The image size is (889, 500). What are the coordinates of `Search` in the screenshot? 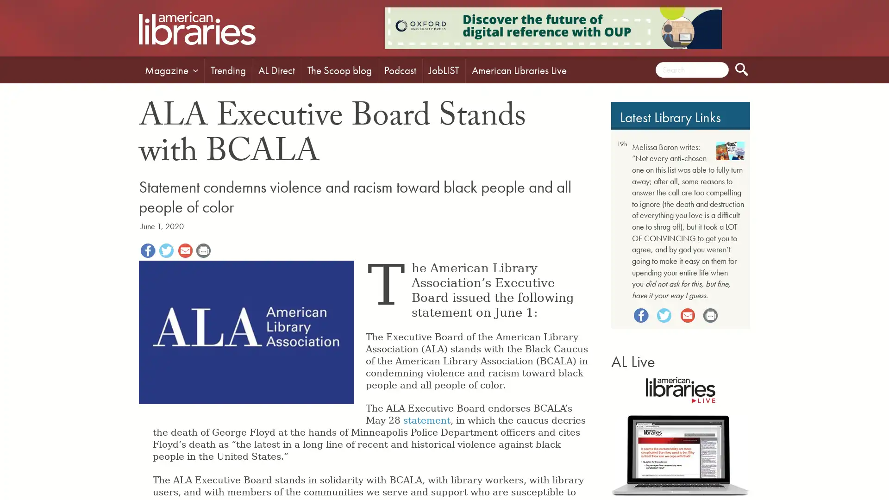 It's located at (742, 69).